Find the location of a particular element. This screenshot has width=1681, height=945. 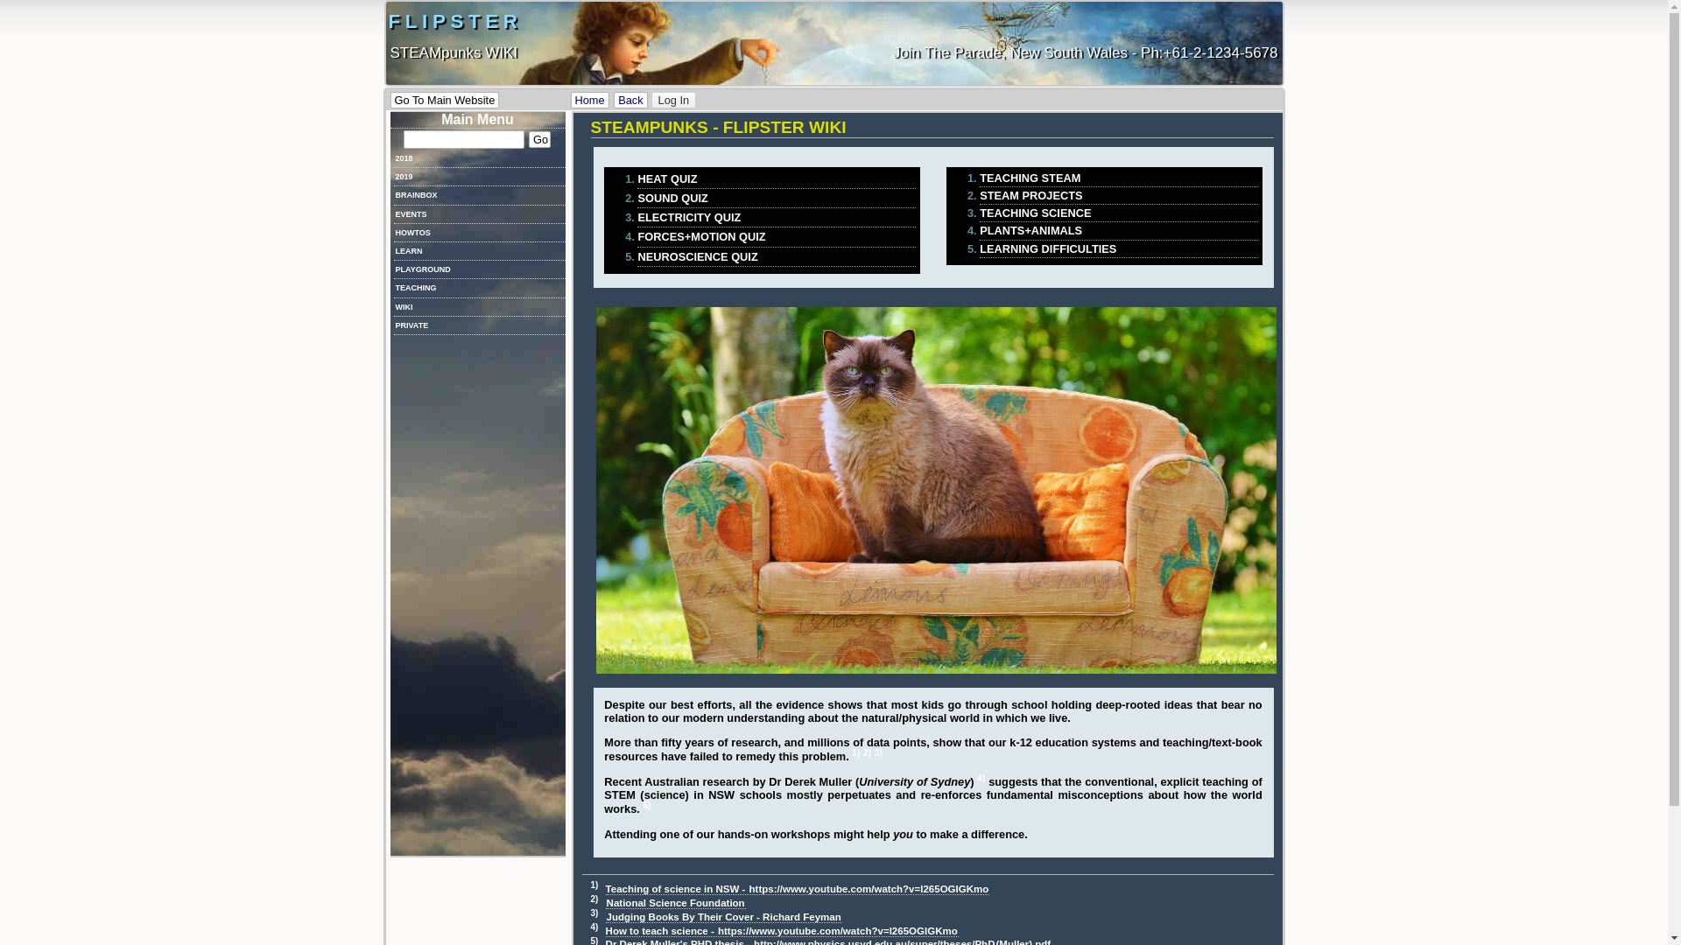

'Judging Books By Their Cover - Richard Feyman' is located at coordinates (723, 916).